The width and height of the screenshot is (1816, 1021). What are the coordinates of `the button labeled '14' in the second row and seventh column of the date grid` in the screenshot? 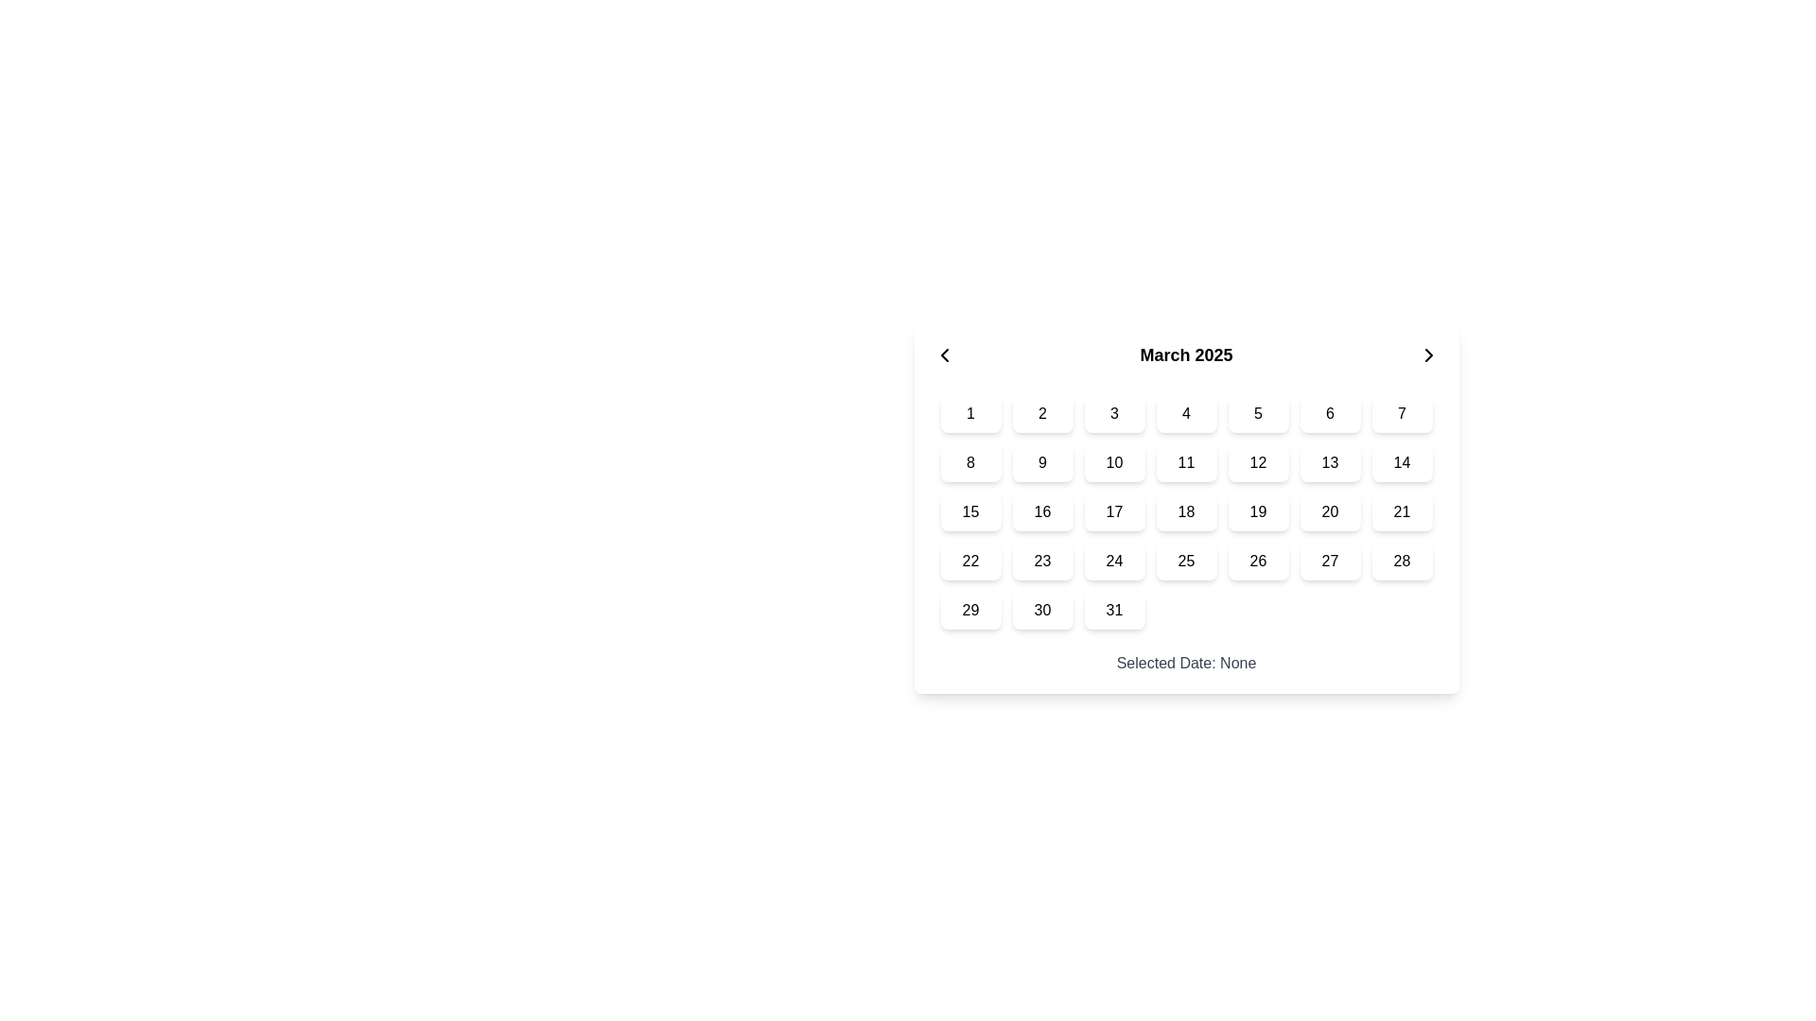 It's located at (1402, 462).